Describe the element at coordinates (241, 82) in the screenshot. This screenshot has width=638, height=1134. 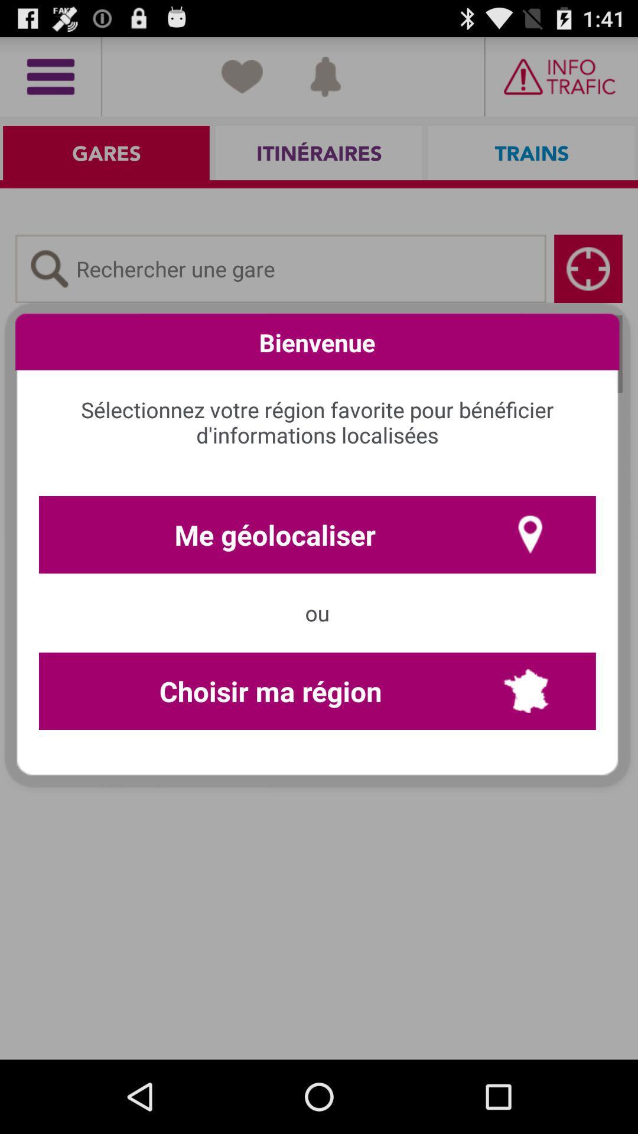
I see `the favorite icon` at that location.